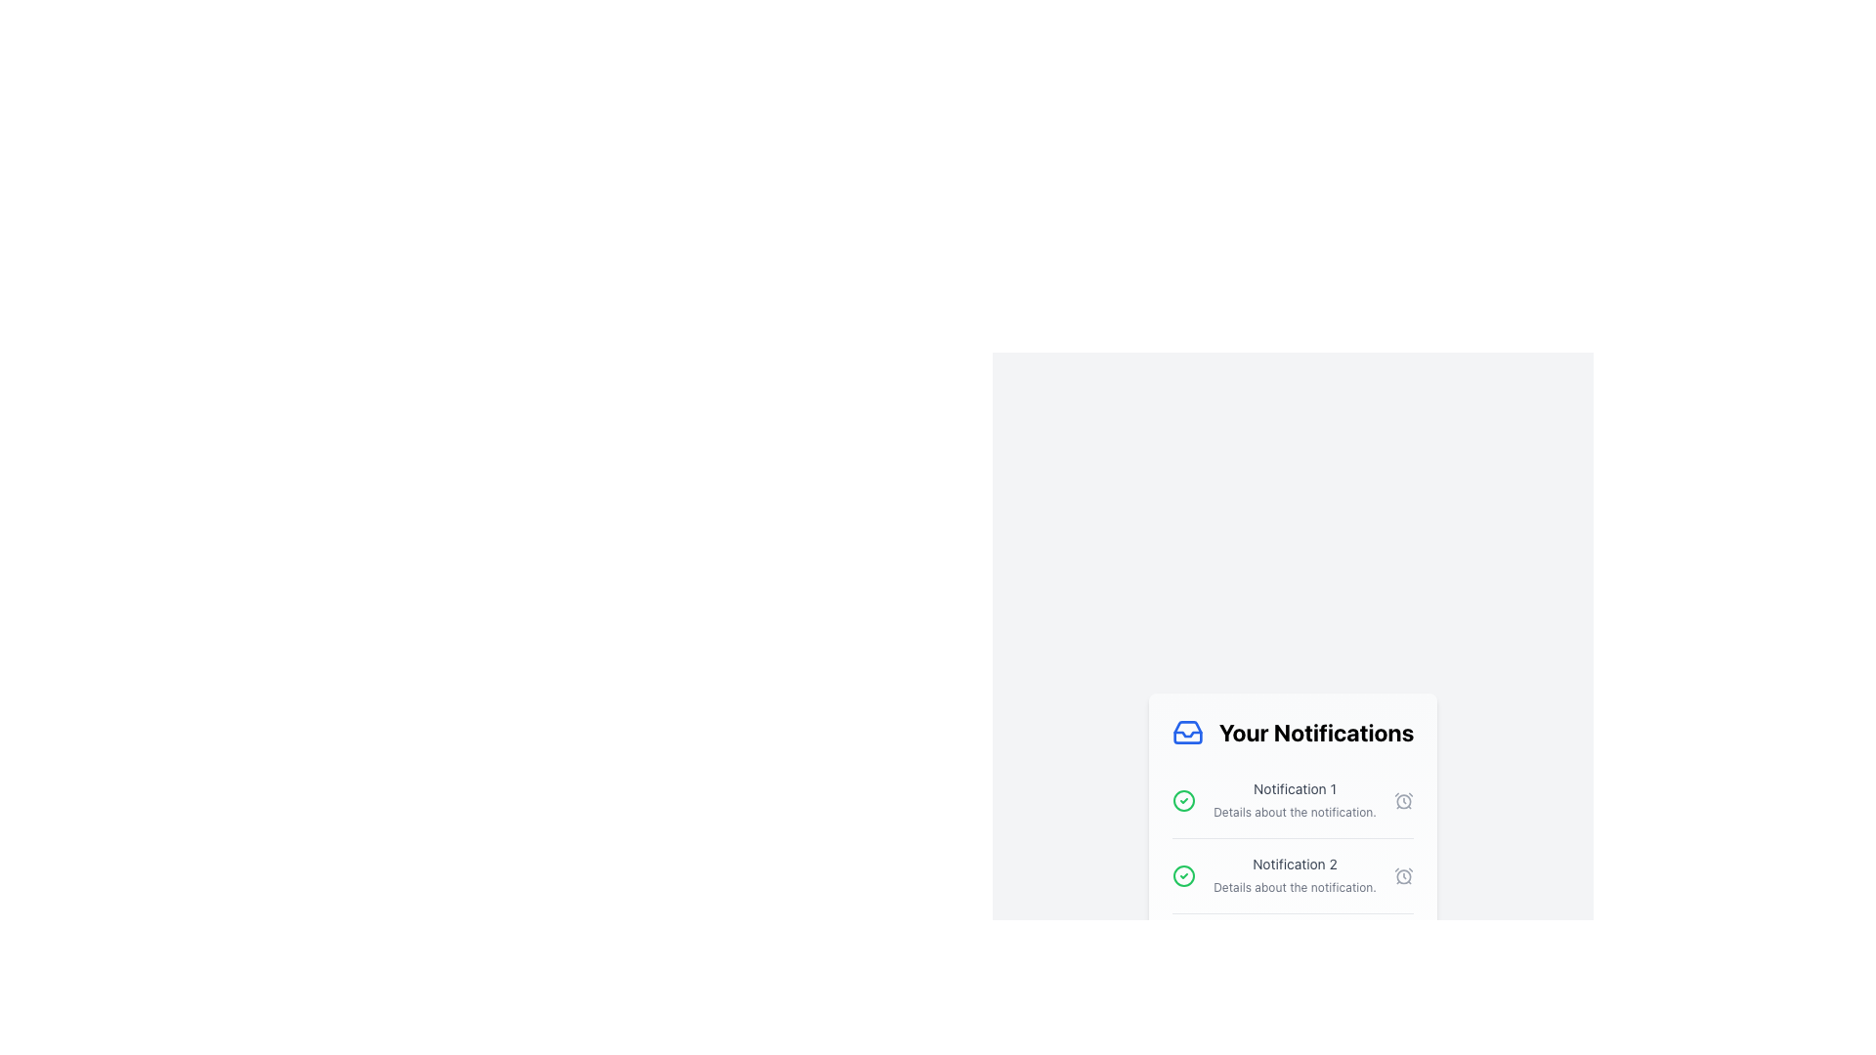  Describe the element at coordinates (1403, 875) in the screenshot. I see `the icon related to 'Notification 2' in the 'Your Notifications' section, positioned to the far right of the entry` at that location.